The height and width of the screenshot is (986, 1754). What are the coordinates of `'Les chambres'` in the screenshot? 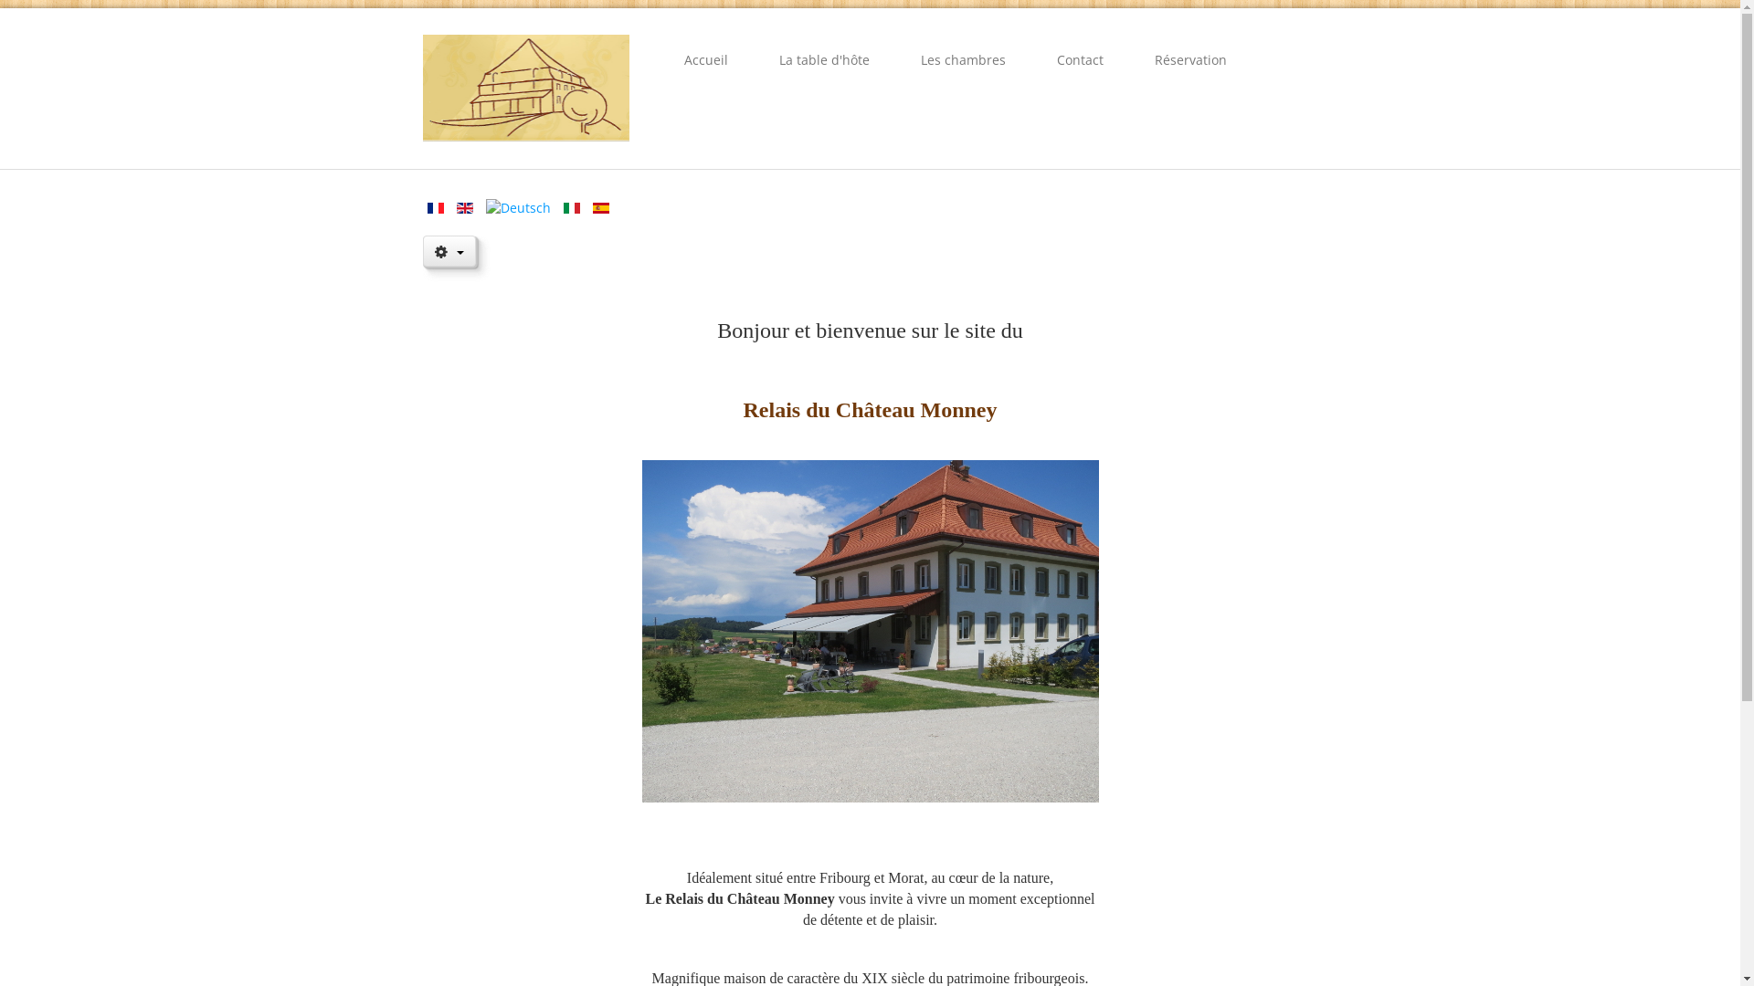 It's located at (962, 58).